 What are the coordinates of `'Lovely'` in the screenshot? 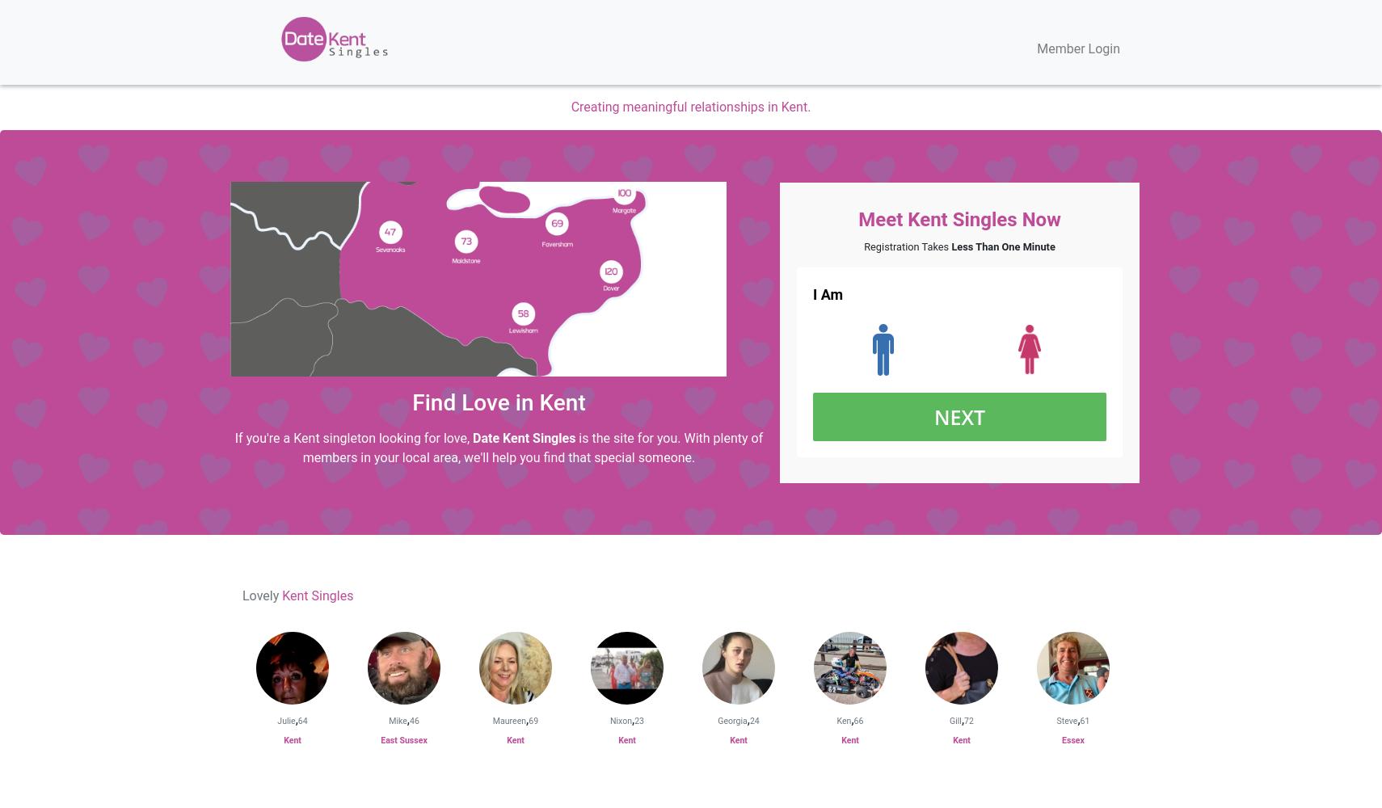 It's located at (261, 595).